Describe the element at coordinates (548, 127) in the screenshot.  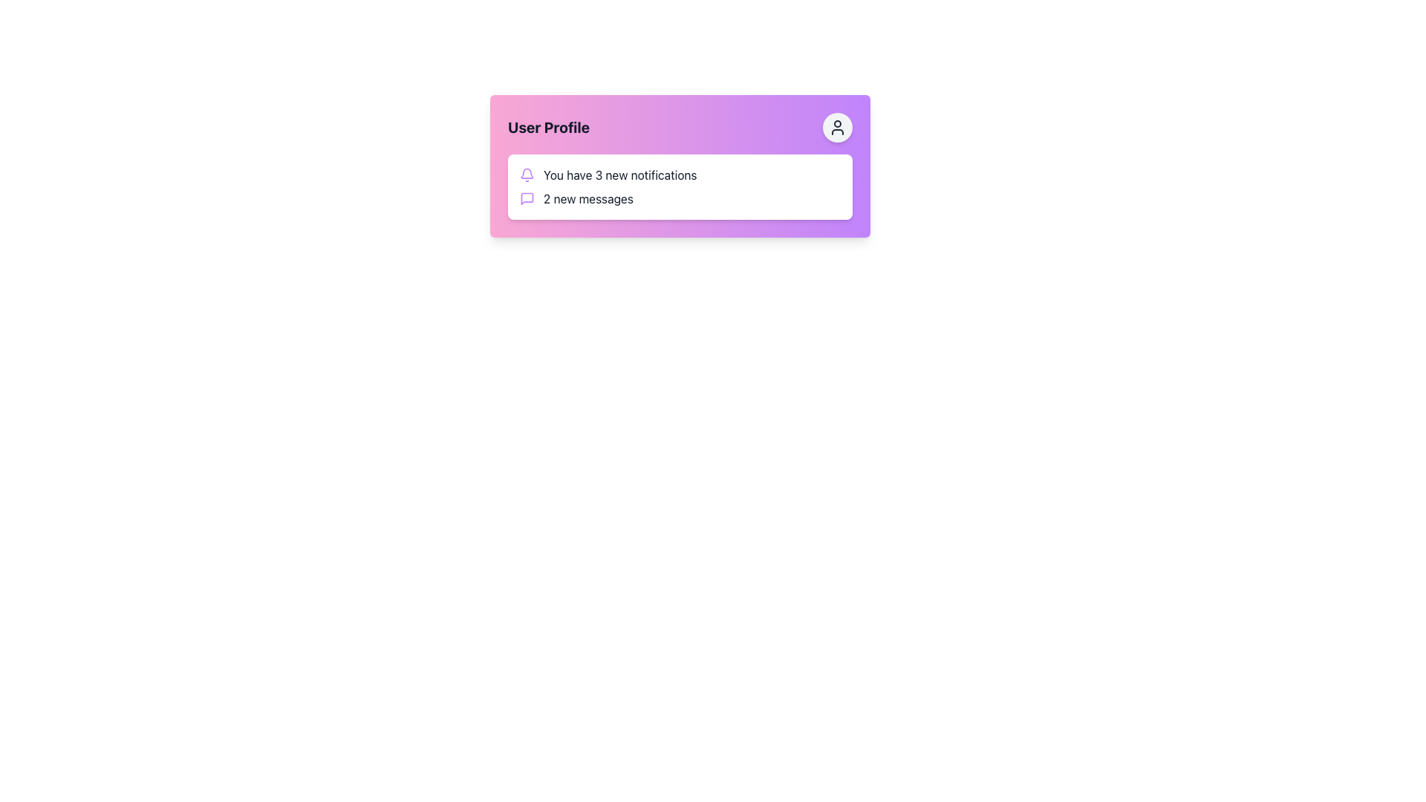
I see `the text label reading 'User Profile', which is styled in a bold and large font with a dark gray color, located at the top left segment of the notification panel` at that location.